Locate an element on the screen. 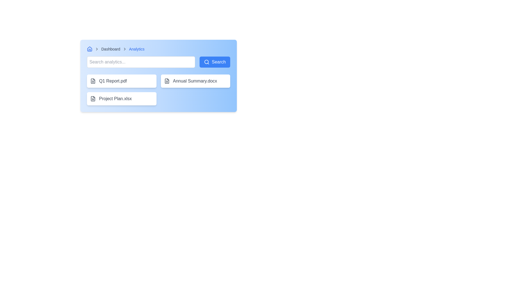  the right-pointing gray chevron icon located between 'Dashboard' and 'Analytics' in the breadcrumb navigation bar is located at coordinates (124, 49).